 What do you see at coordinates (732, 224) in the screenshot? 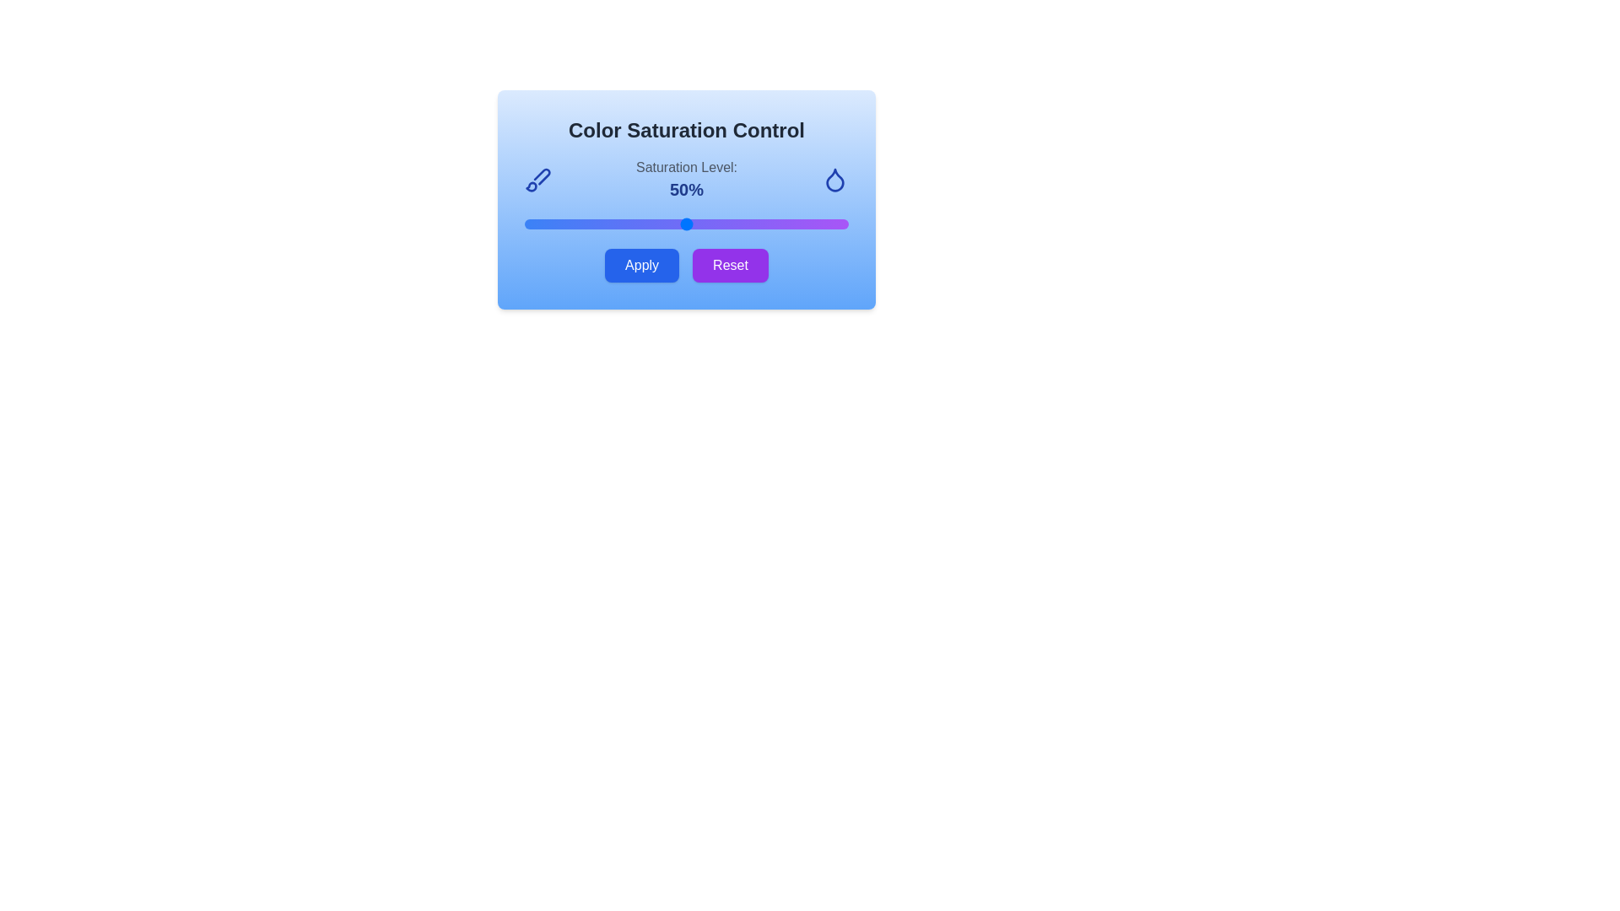
I see `the color saturation to 64% by adjusting the slider` at bounding box center [732, 224].